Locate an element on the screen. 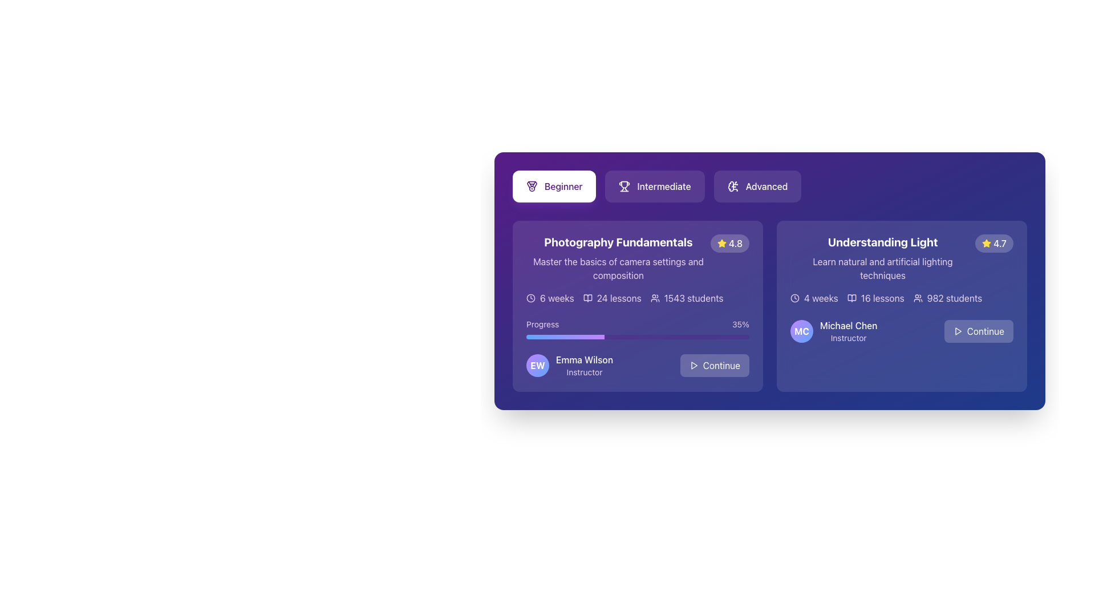  the Content Header with Rating Badge located at the top-left corner of the first course card, which presents the title, description, and rating of the course is located at coordinates (637, 258).